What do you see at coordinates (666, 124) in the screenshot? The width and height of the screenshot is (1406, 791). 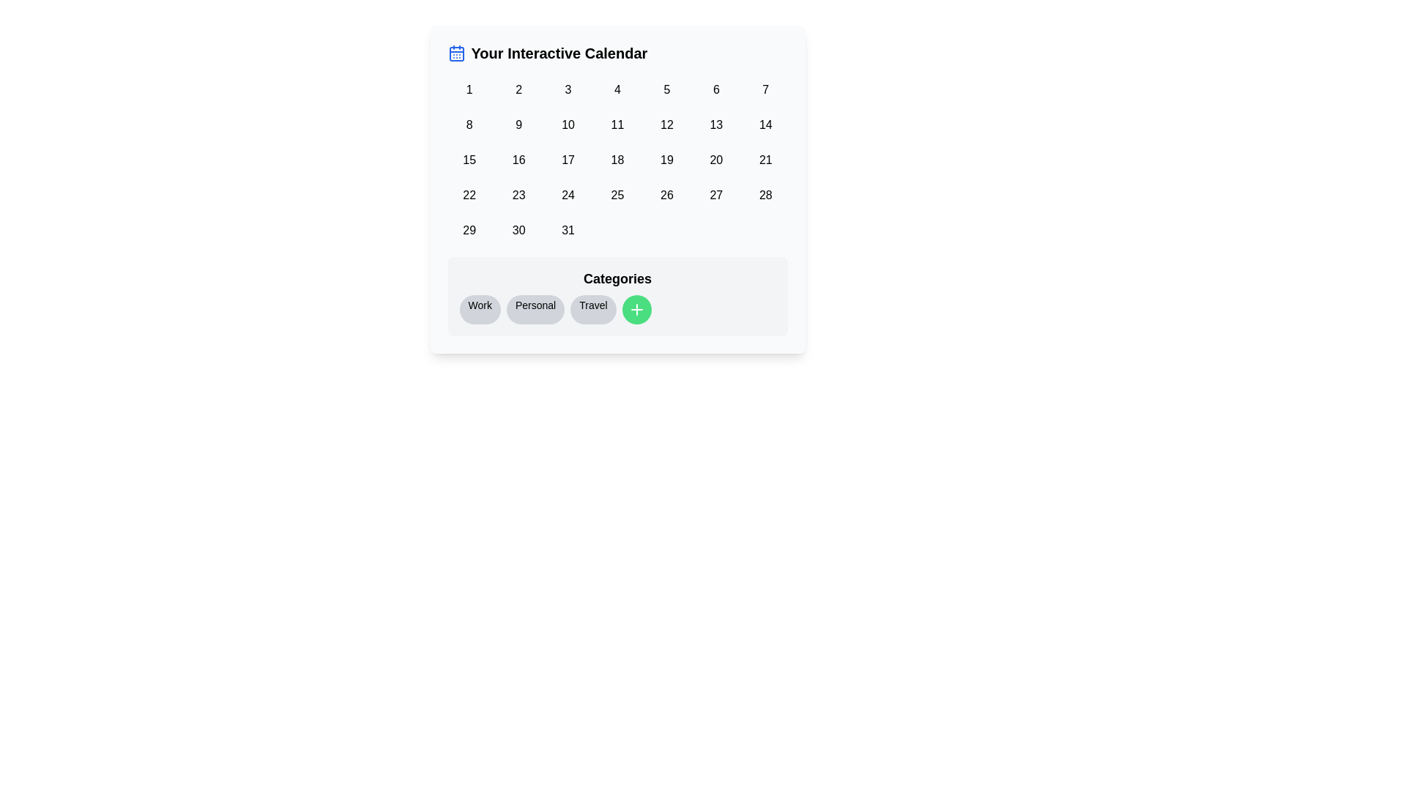 I see `the rounded button labeled '12' in the second row and sixth column of the calendar component` at bounding box center [666, 124].